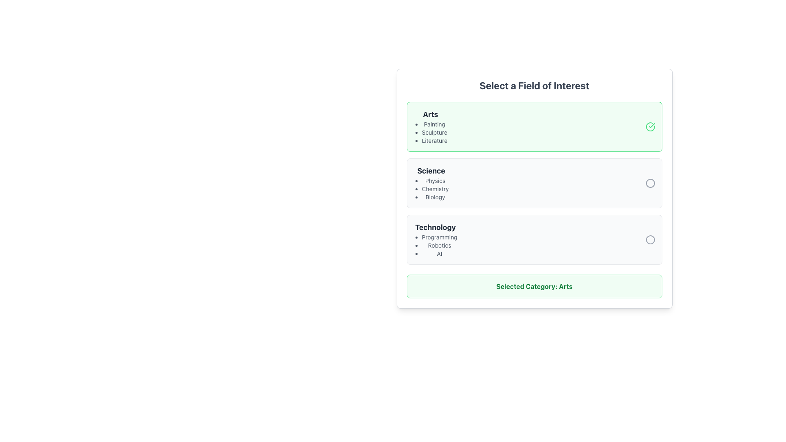 Image resolution: width=786 pixels, height=442 pixels. What do you see at coordinates (435, 239) in the screenshot?
I see `text content of the 'Technology' category text block, which is located in the third card of the list of fields, beneath 'Arts' and 'Science'` at bounding box center [435, 239].